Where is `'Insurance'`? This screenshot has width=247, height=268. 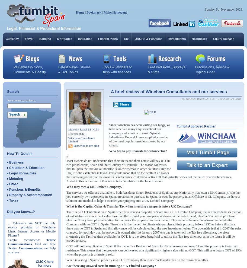 'Insurance' is located at coordinates (78, 38).